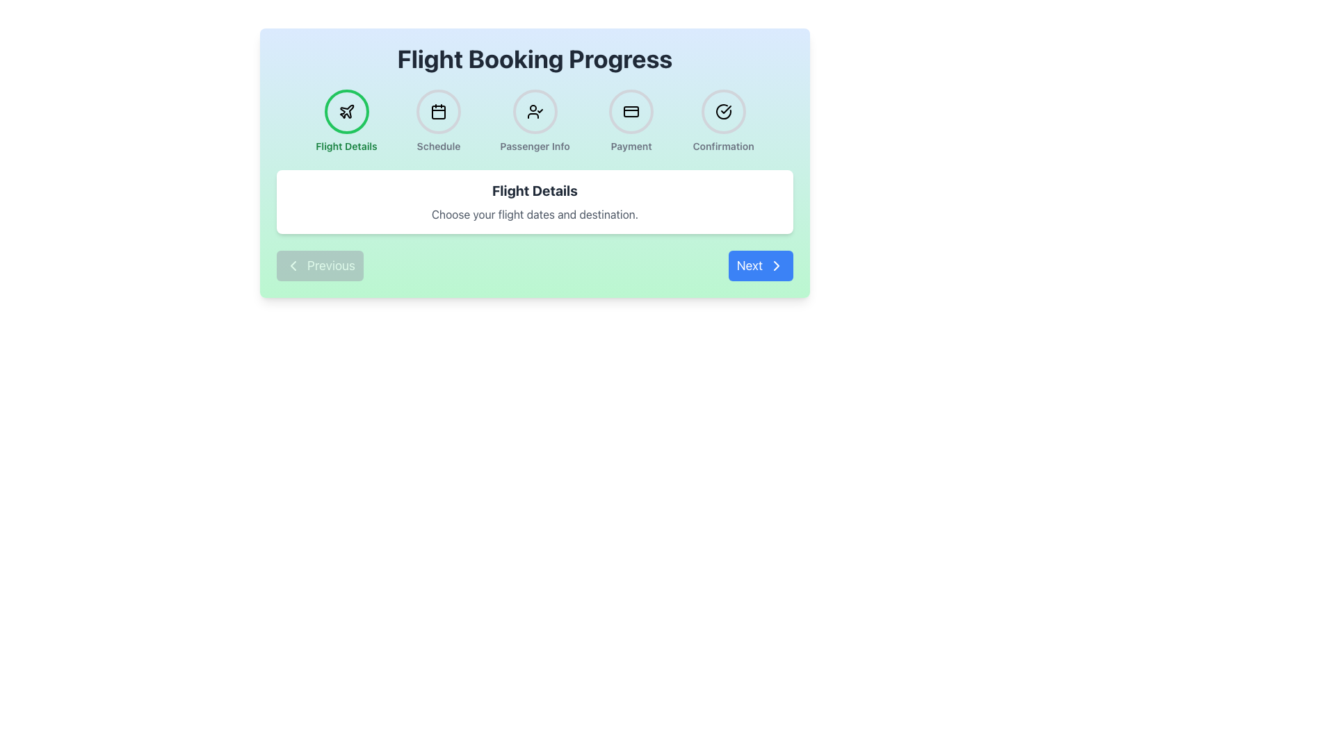  What do you see at coordinates (631, 111) in the screenshot?
I see `the credit card icon indicating the 'Payment' step in the flight booking progress, located between 'Passenger Info' and 'Confirmation'` at bounding box center [631, 111].